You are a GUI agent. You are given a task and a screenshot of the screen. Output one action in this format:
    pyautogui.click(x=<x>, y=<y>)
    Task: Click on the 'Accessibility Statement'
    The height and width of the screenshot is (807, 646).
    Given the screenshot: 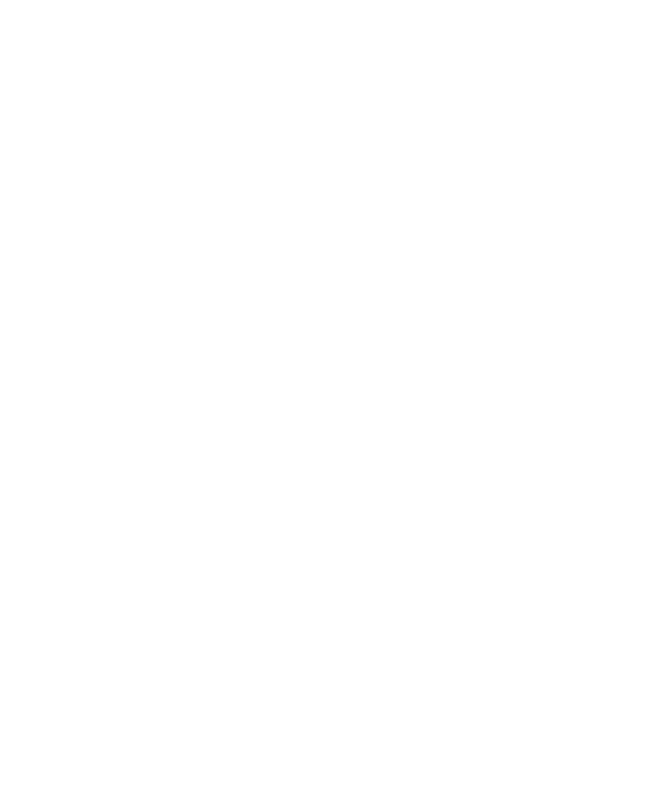 What is the action you would take?
    pyautogui.click(x=399, y=659)
    